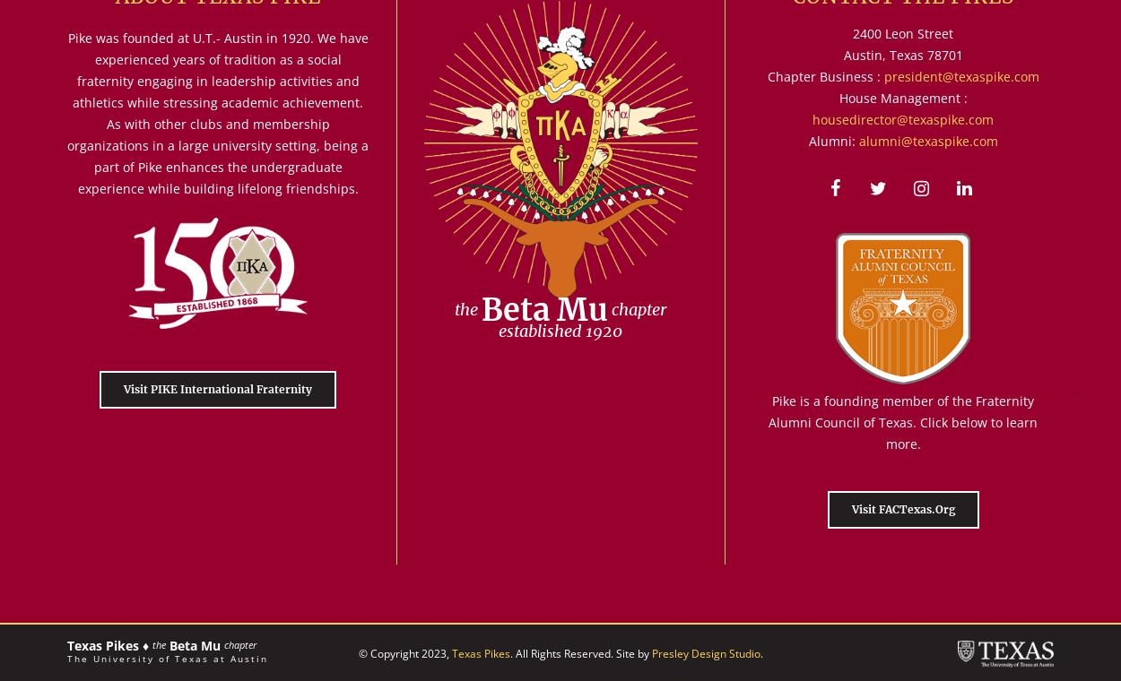 This screenshot has height=681, width=1121. I want to click on 'Pike is a founding member of the Fraternity Alumni Council of Texas. Click below to learn more.', so click(903, 420).